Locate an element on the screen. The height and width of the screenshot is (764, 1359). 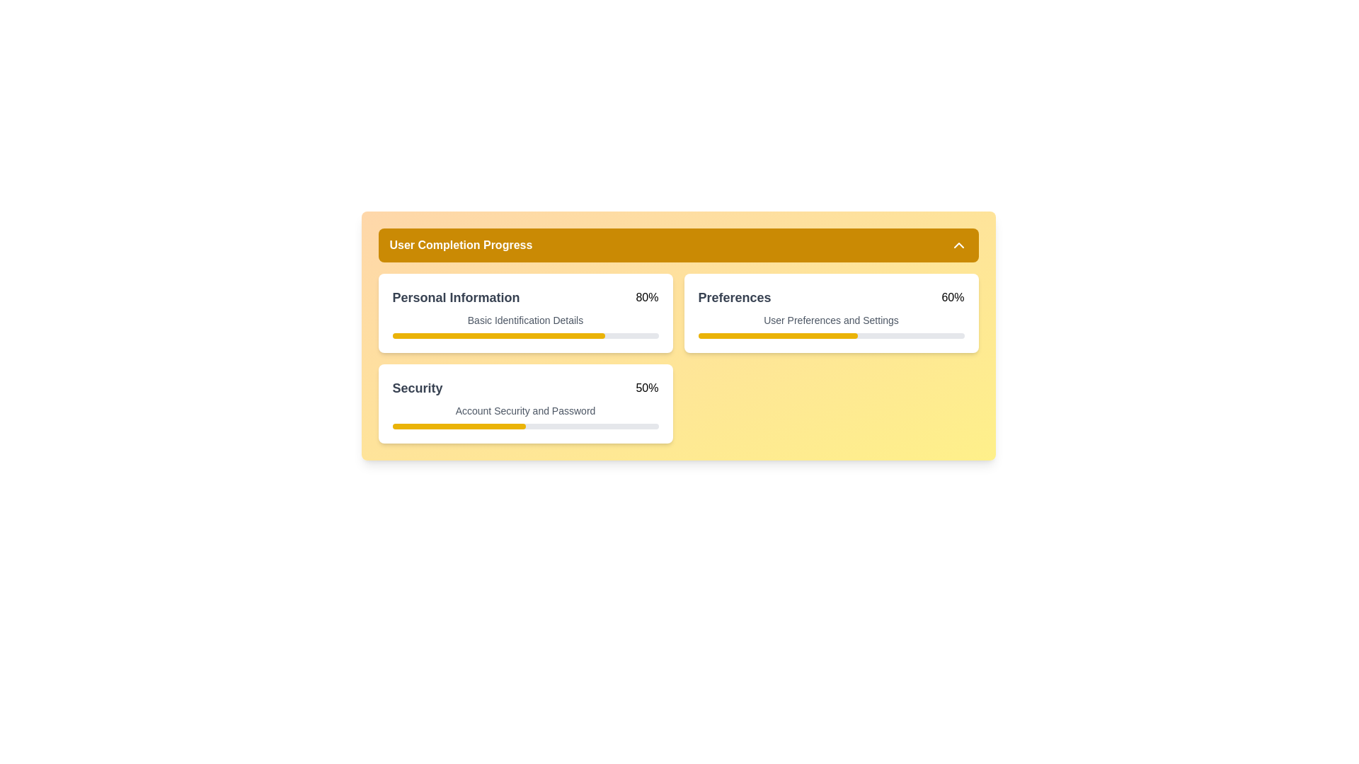
text content of the 'Security' label, which is a bold, grayish text positioned under the 'User Completion Progress' section is located at coordinates (417, 388).